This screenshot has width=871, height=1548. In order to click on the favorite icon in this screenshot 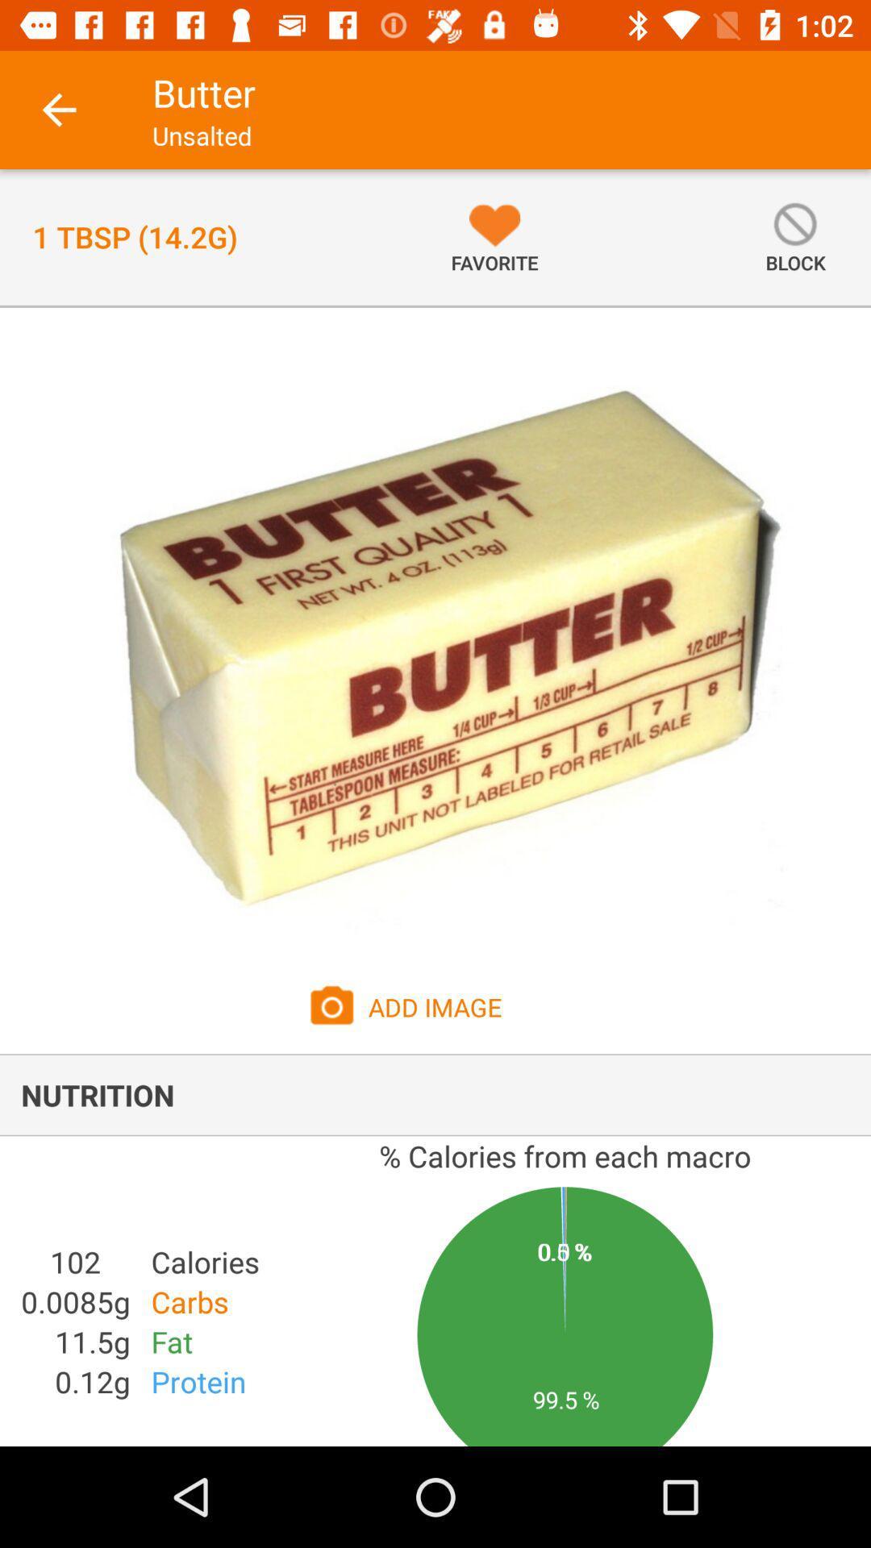, I will do `click(494, 236)`.